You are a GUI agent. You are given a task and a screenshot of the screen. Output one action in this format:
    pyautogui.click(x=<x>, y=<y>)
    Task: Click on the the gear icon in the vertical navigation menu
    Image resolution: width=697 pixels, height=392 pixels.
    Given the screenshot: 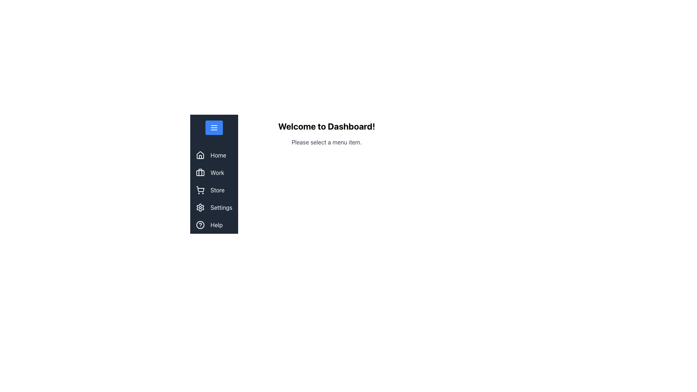 What is the action you would take?
    pyautogui.click(x=200, y=207)
    